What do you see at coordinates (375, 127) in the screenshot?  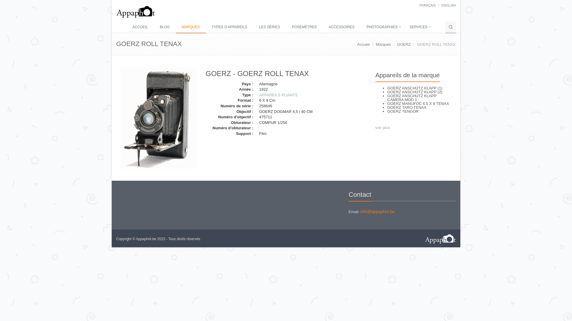 I see `'voir plus'` at bounding box center [375, 127].